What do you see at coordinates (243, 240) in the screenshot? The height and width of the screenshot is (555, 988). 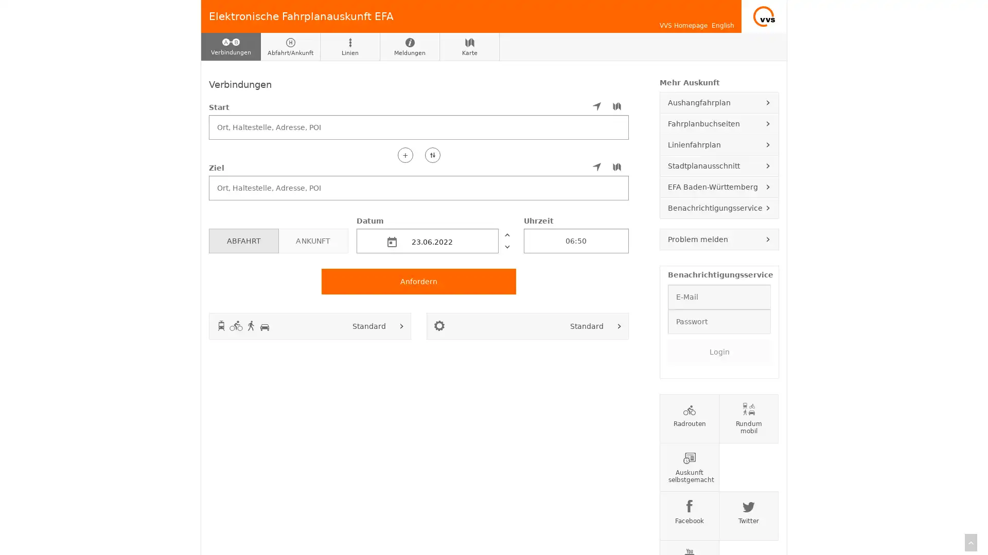 I see `ABFAHRT` at bounding box center [243, 240].